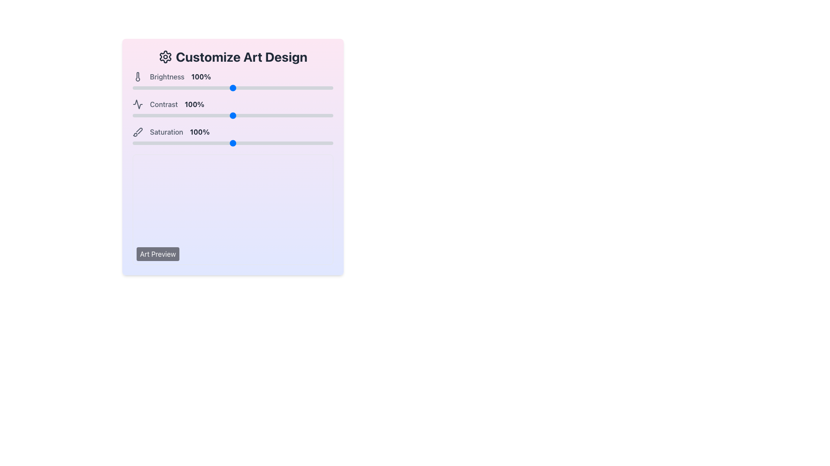 Image resolution: width=830 pixels, height=466 pixels. Describe the element at coordinates (299, 88) in the screenshot. I see `brightness` at that location.